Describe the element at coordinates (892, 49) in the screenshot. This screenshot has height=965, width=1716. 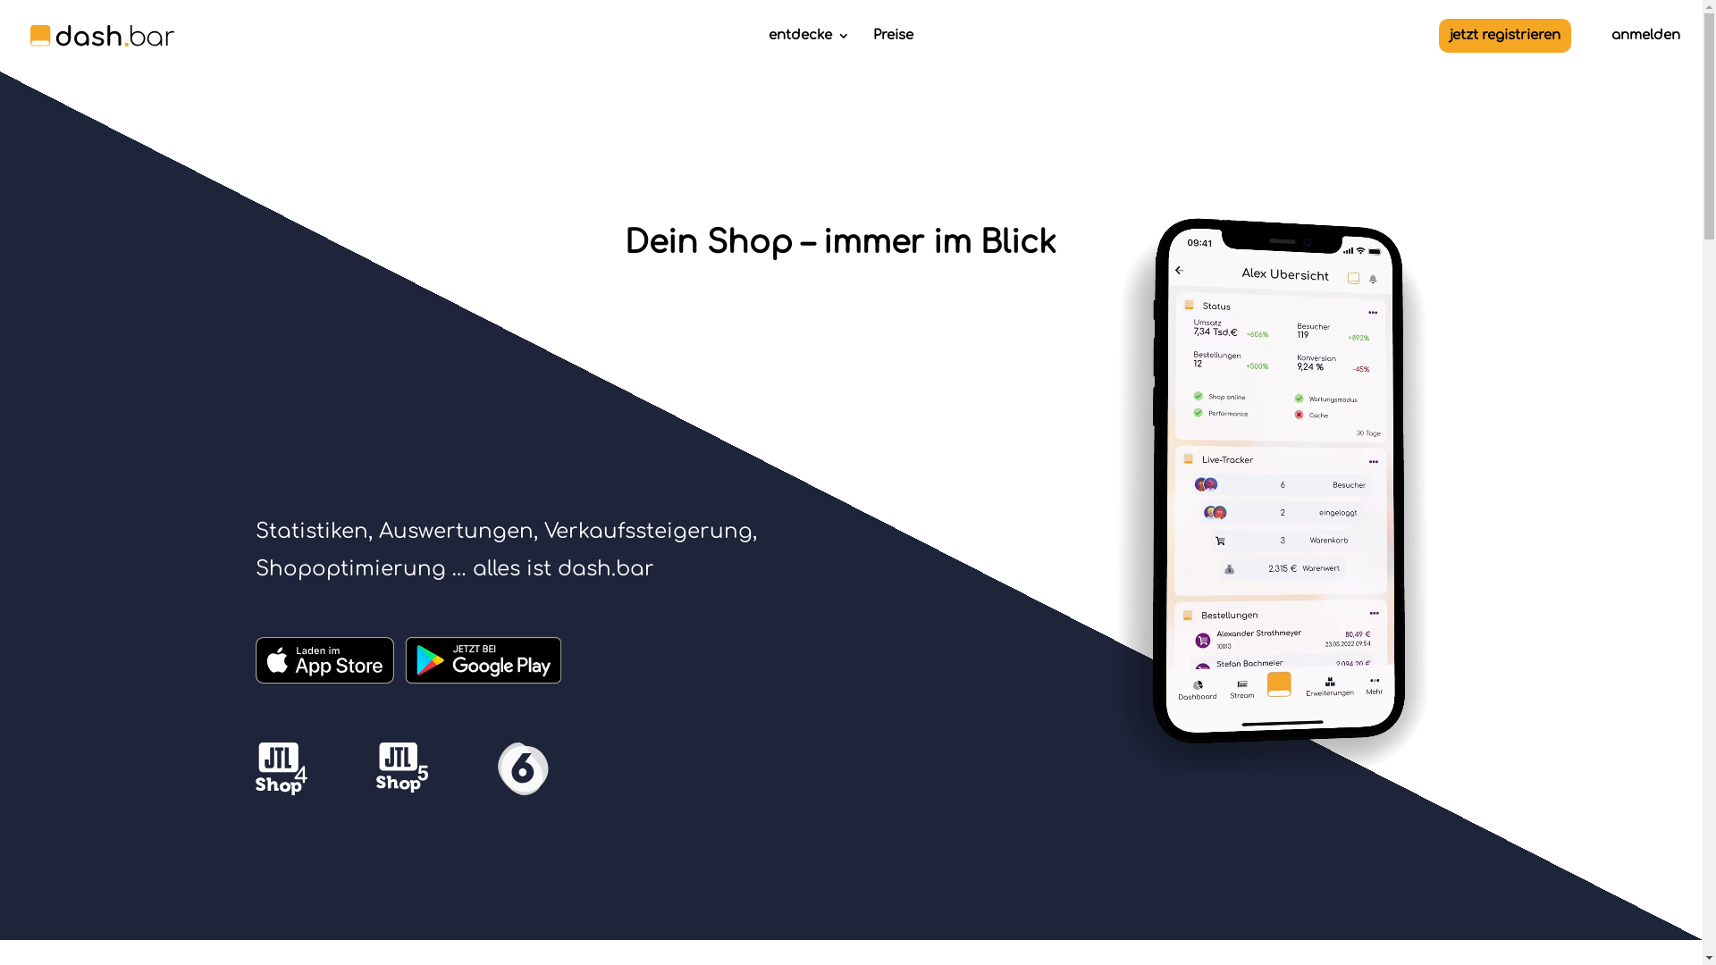
I see `'Preise'` at that location.